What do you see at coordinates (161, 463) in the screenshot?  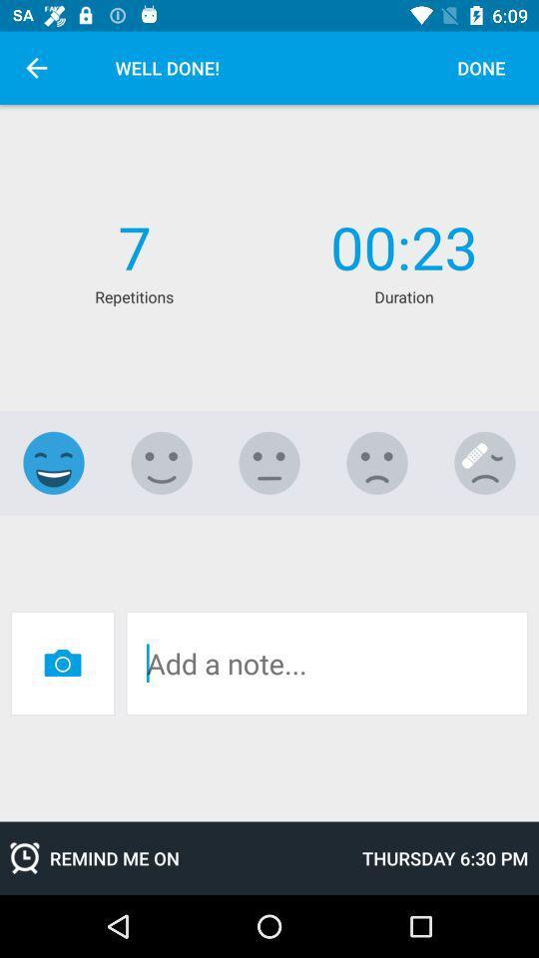 I see `happy option` at bounding box center [161, 463].